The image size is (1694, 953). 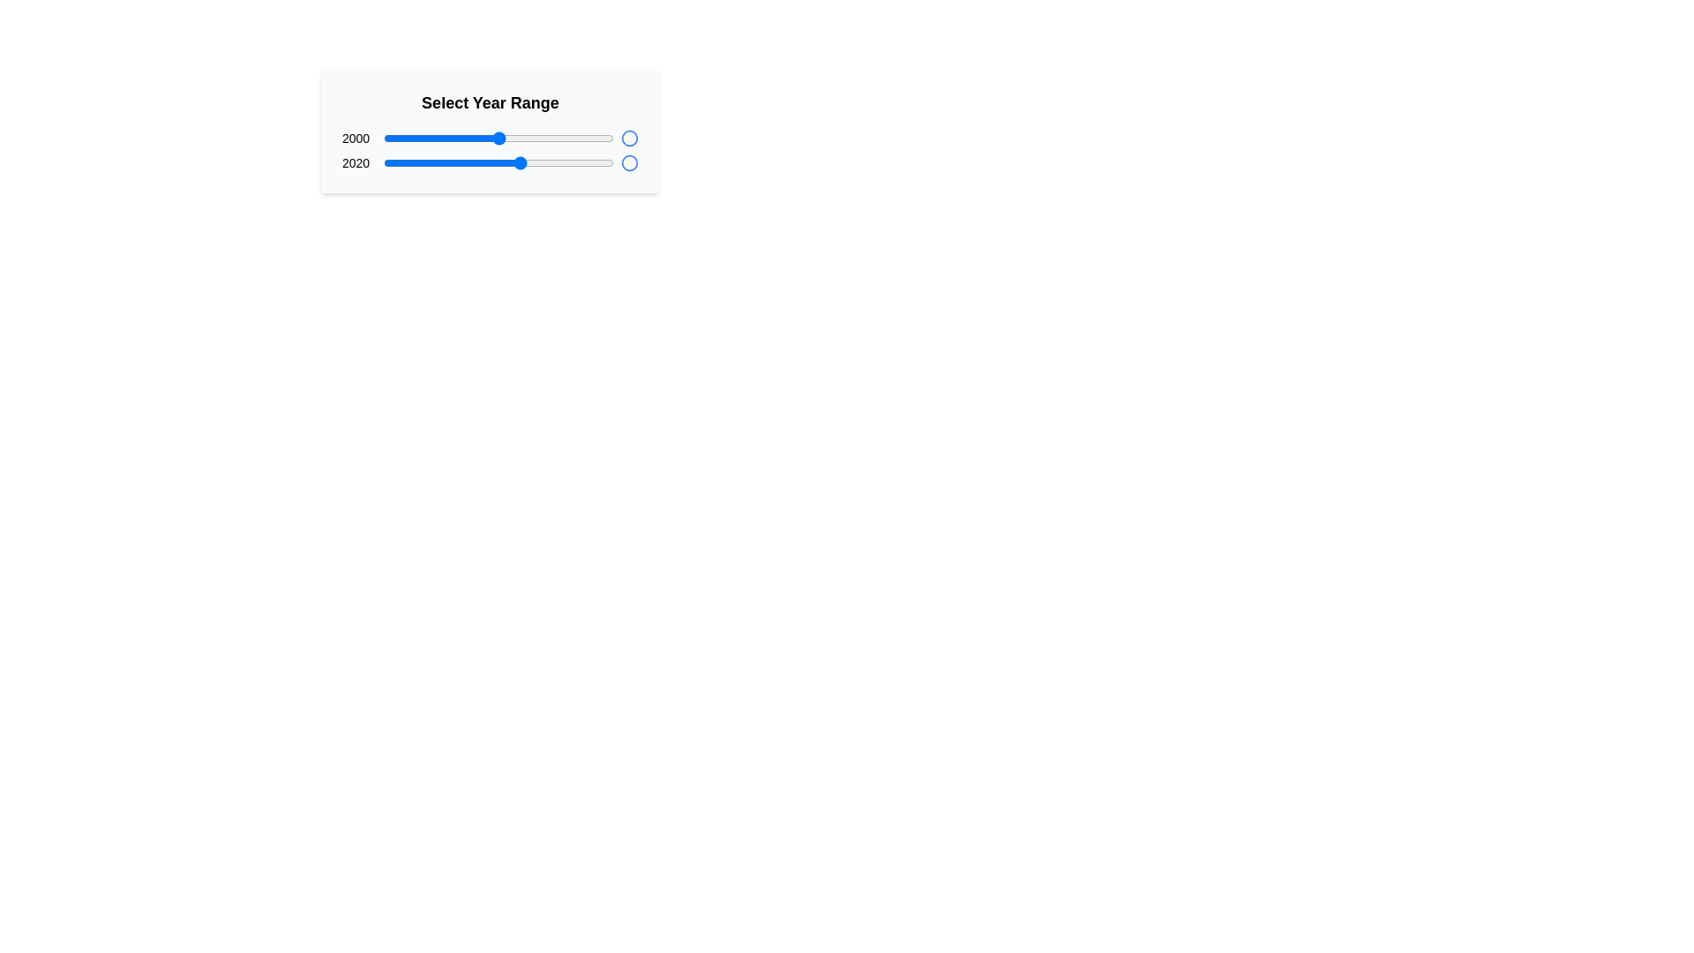 I want to click on the circular SVG element with a blue border located to the right of the label '2020' and the bottom slider, so click(x=630, y=163).